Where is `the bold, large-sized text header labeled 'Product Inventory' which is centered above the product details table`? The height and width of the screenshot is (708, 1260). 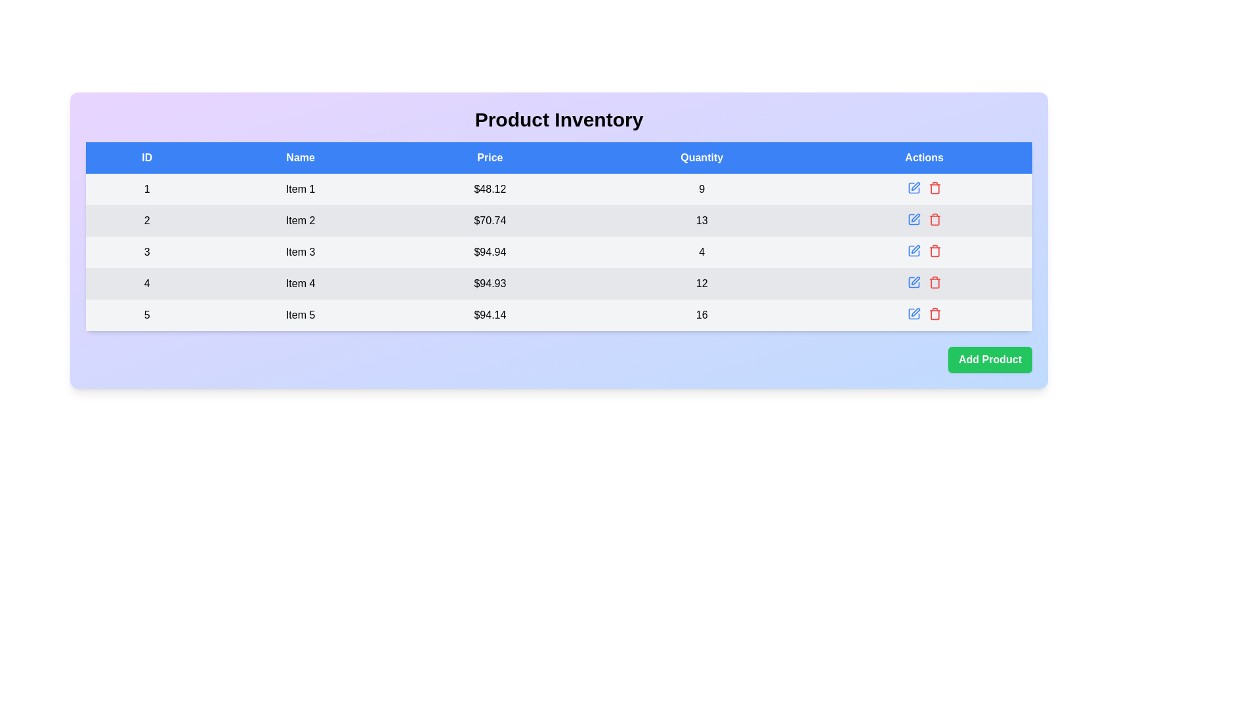 the bold, large-sized text header labeled 'Product Inventory' which is centered above the product details table is located at coordinates (558, 119).